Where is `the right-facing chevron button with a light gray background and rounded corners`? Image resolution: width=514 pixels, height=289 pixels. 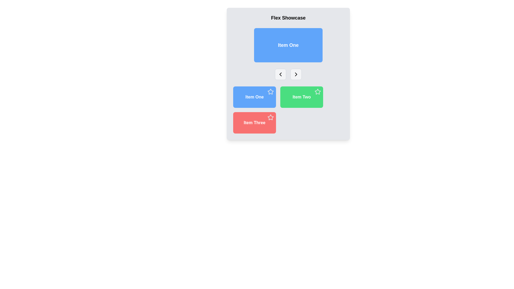
the right-facing chevron button with a light gray background and rounded corners is located at coordinates (296, 74).